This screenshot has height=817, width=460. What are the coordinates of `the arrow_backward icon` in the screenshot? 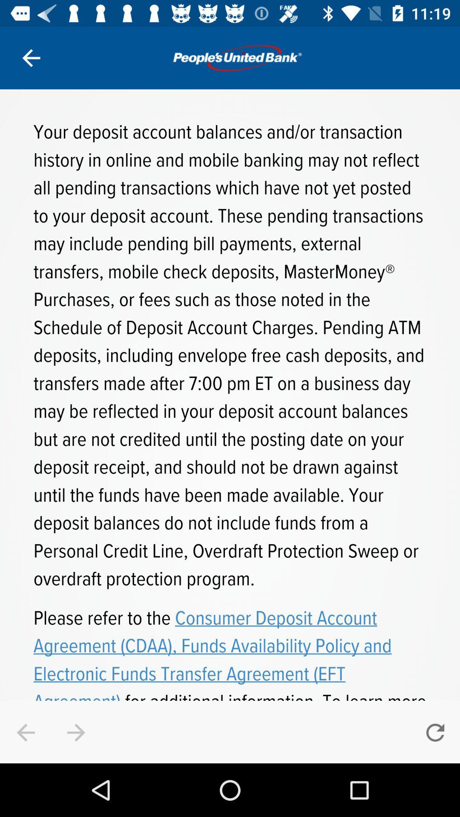 It's located at (25, 731).